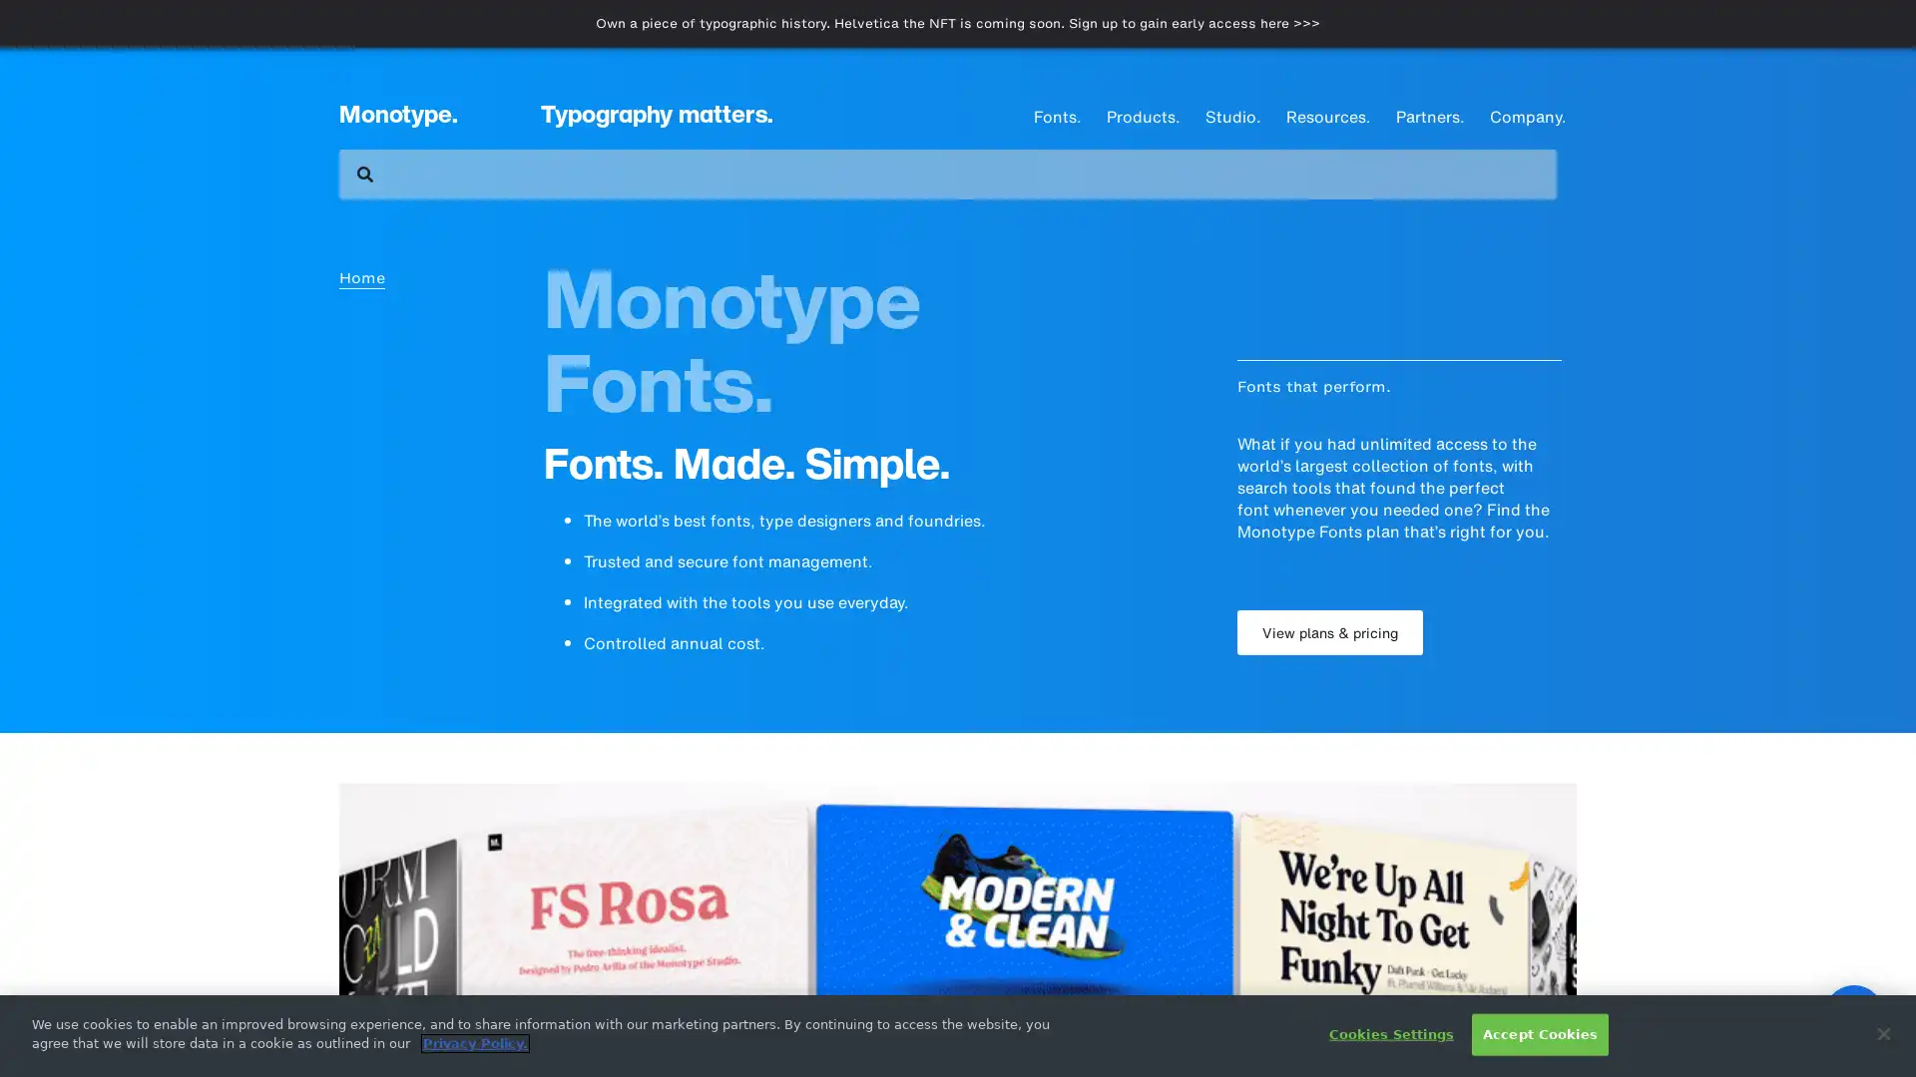 This screenshot has height=1077, width=1916. Describe the element at coordinates (1389, 1033) in the screenshot. I see `Cookies Settings` at that location.